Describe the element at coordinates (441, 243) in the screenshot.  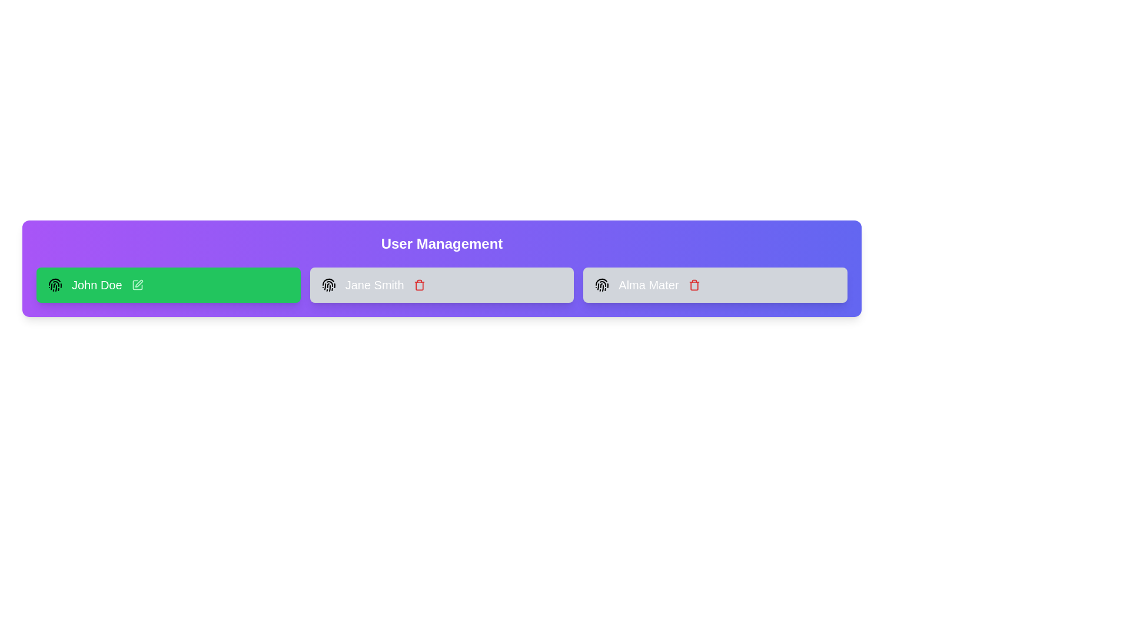
I see `the 'User Management' header to interact with it` at that location.